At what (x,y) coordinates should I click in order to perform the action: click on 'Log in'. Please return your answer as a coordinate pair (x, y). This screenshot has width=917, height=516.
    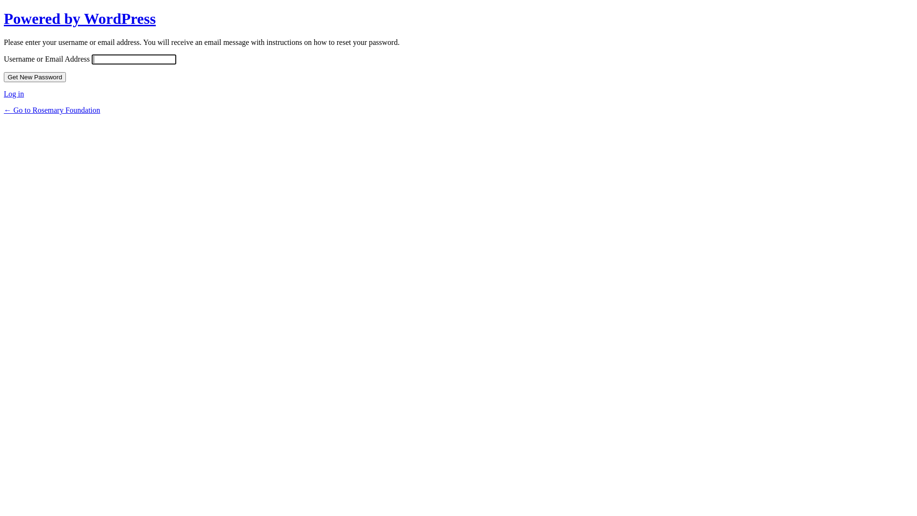
    Looking at the image, I should click on (4, 94).